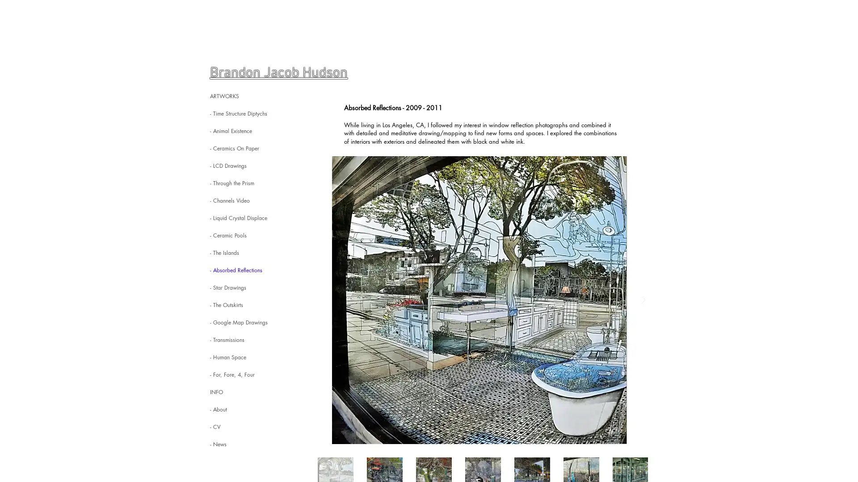 This screenshot has width=858, height=482. Describe the element at coordinates (479, 300) in the screenshot. I see `Absorbed Reflection X by Brandon Hudson` at that location.